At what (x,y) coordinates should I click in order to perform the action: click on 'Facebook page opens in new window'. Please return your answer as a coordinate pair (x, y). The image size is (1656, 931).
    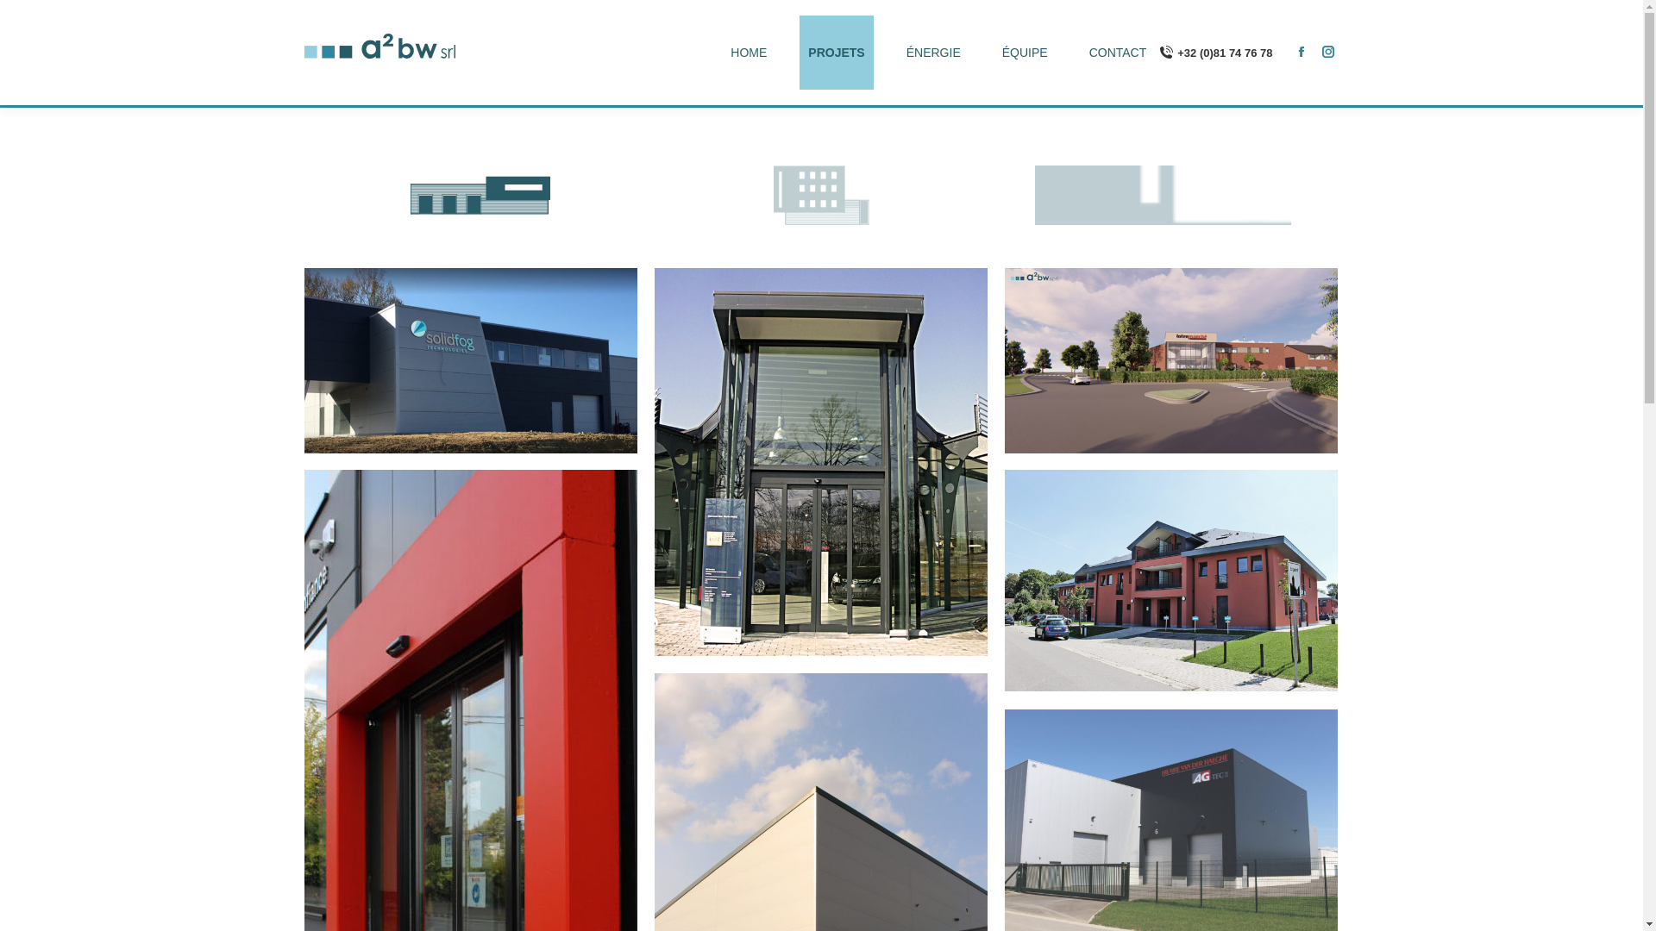
    Looking at the image, I should click on (1301, 49).